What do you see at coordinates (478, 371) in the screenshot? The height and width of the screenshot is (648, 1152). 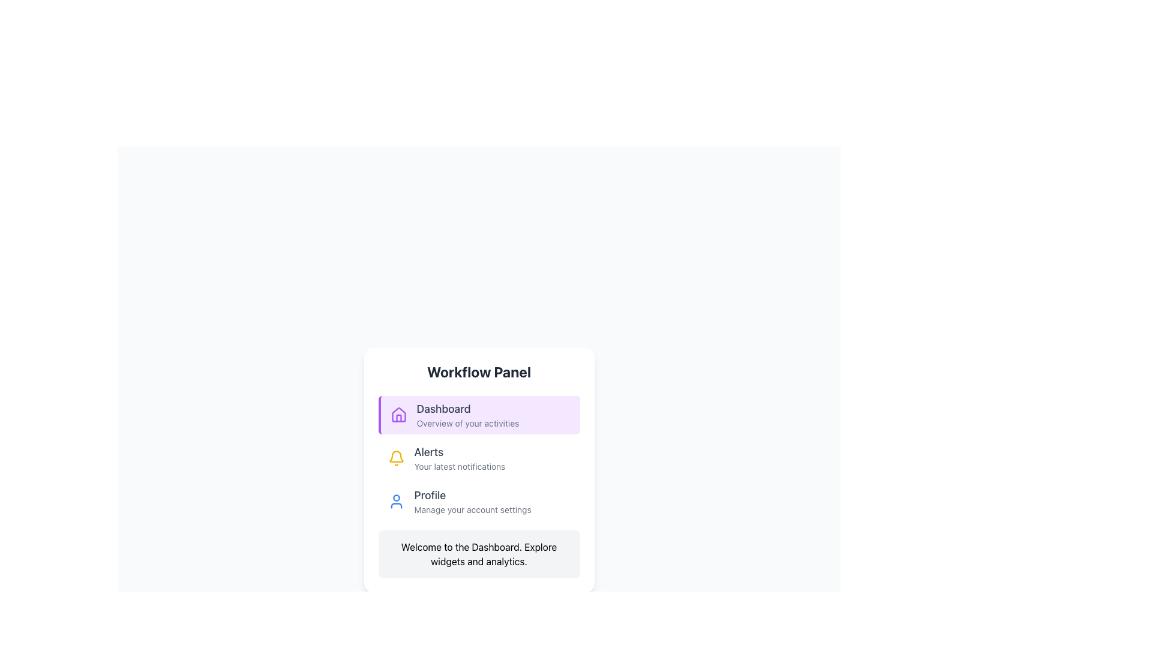 I see `the 'Workflow Panel' text label, which displays the phrase in a bold and large font, located at the top of its card-like panel` at bounding box center [478, 371].